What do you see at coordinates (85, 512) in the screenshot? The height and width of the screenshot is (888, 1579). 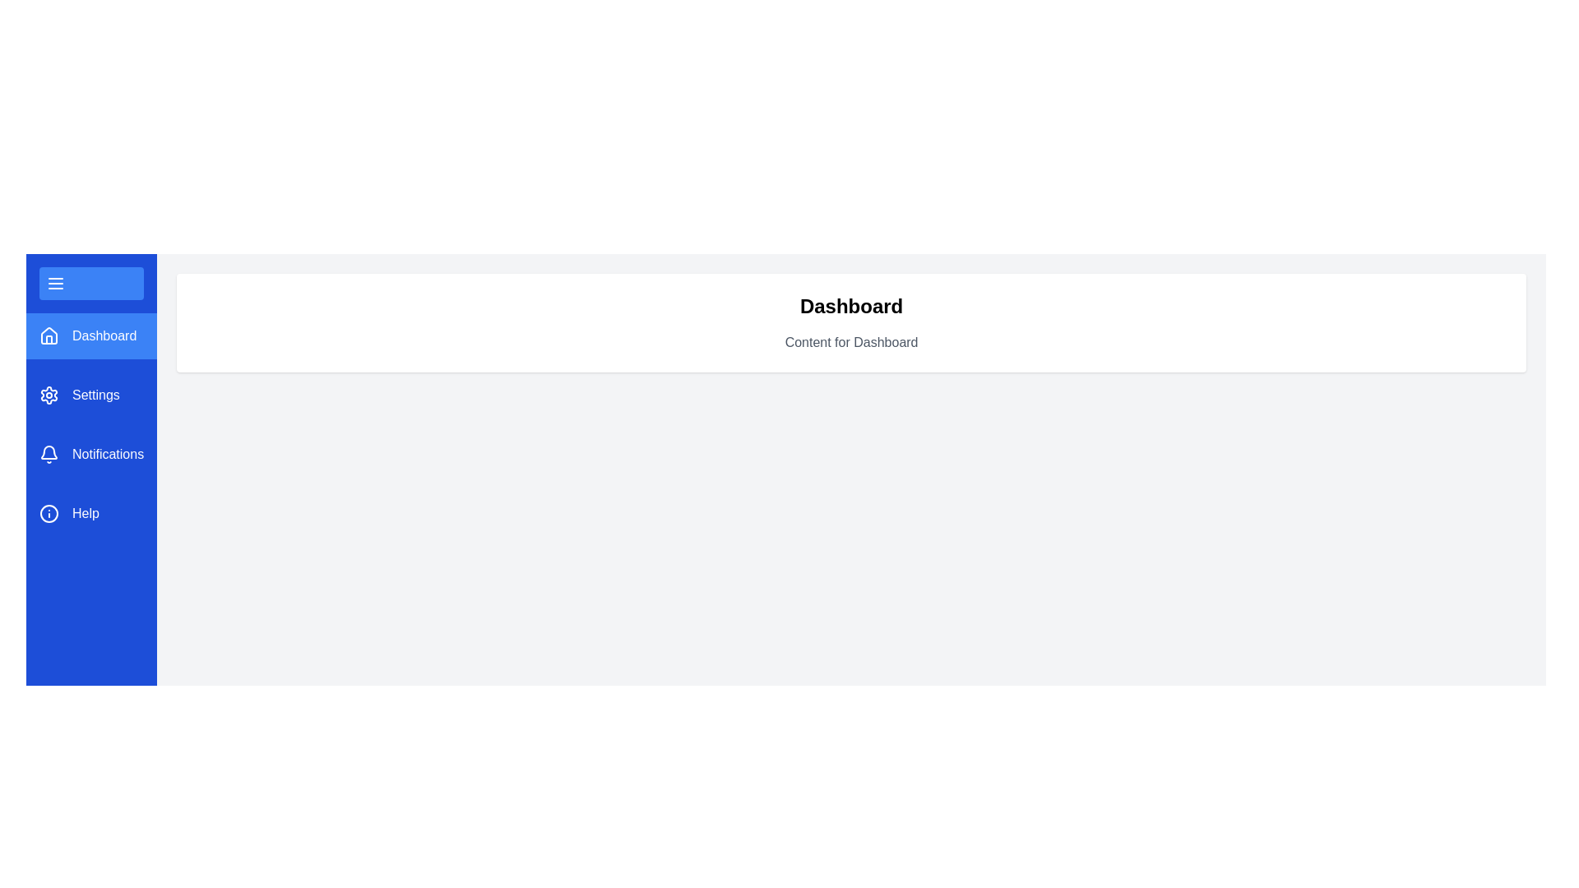 I see `text label displaying the word 'Help' which is styled with white text on a blue background, positioned to the right of an information icon at the bottom of the vertical navigation bar` at bounding box center [85, 512].